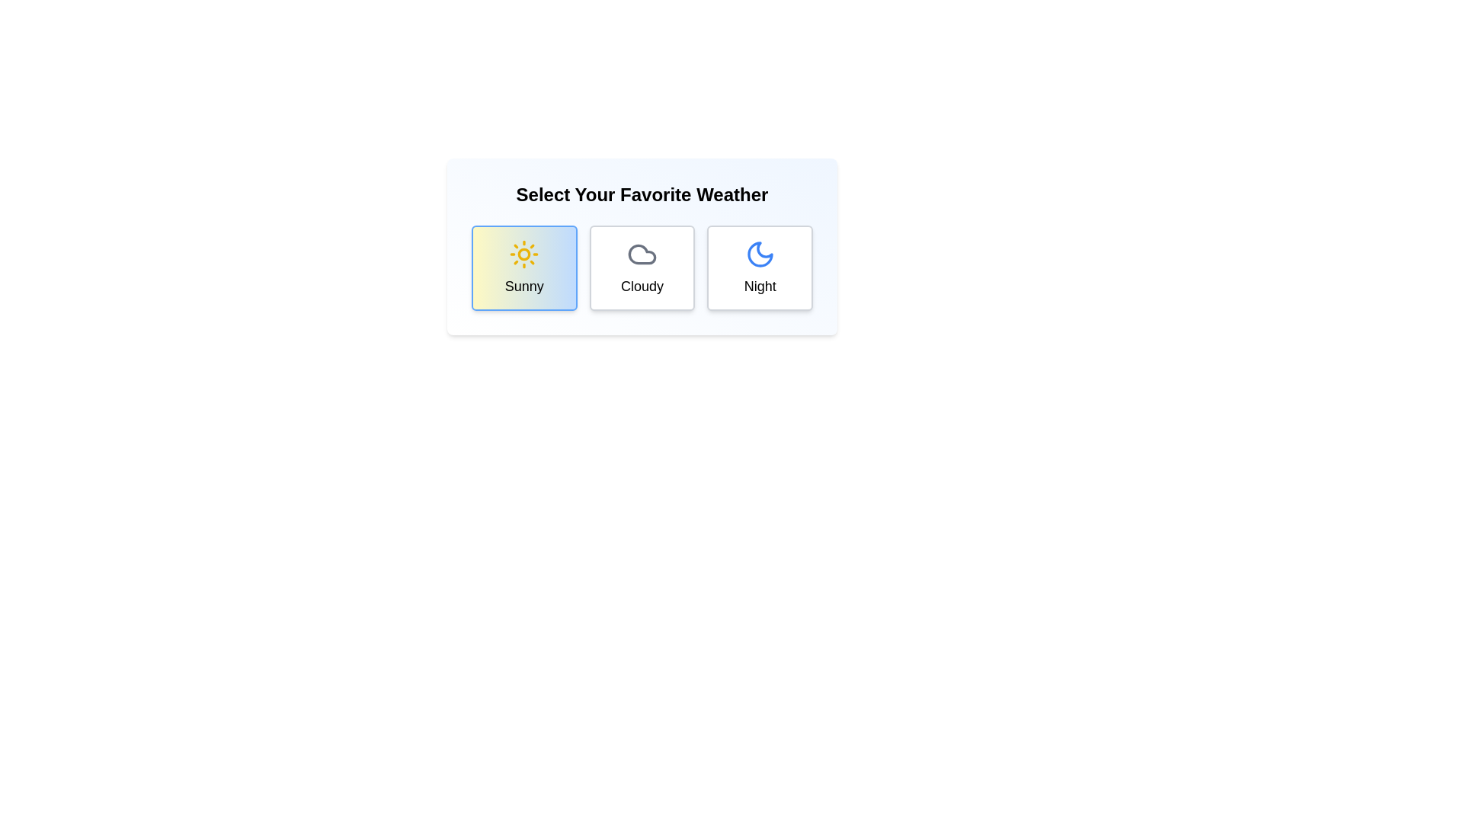 Image resolution: width=1463 pixels, height=823 pixels. What do you see at coordinates (760, 254) in the screenshot?
I see `the 'Night' option icon in the weather selection interface` at bounding box center [760, 254].